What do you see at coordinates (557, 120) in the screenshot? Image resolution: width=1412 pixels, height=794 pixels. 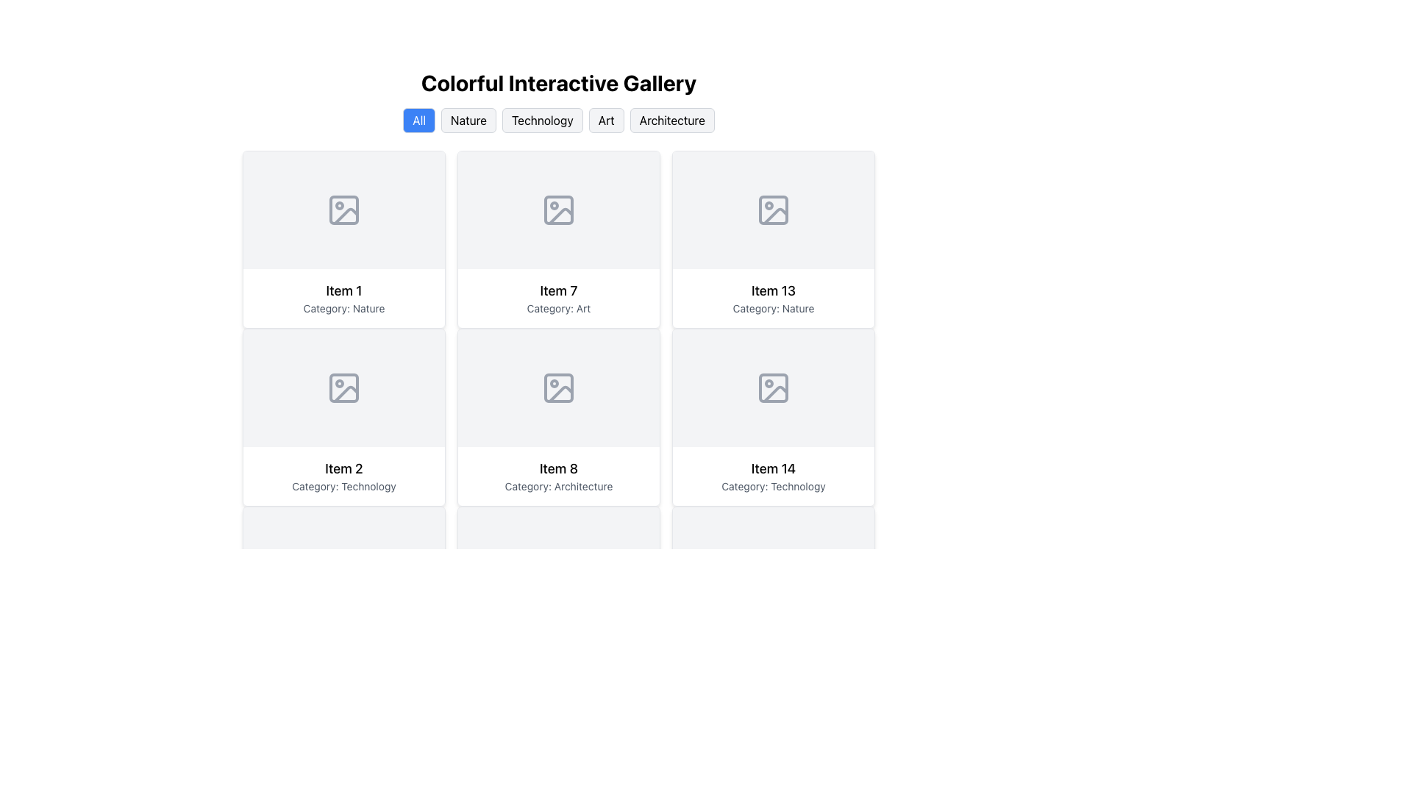 I see `the 'Technology' button, which is the third button in a row of five, featuring a light gray background and labeled with the text 'Technology'` at bounding box center [557, 120].